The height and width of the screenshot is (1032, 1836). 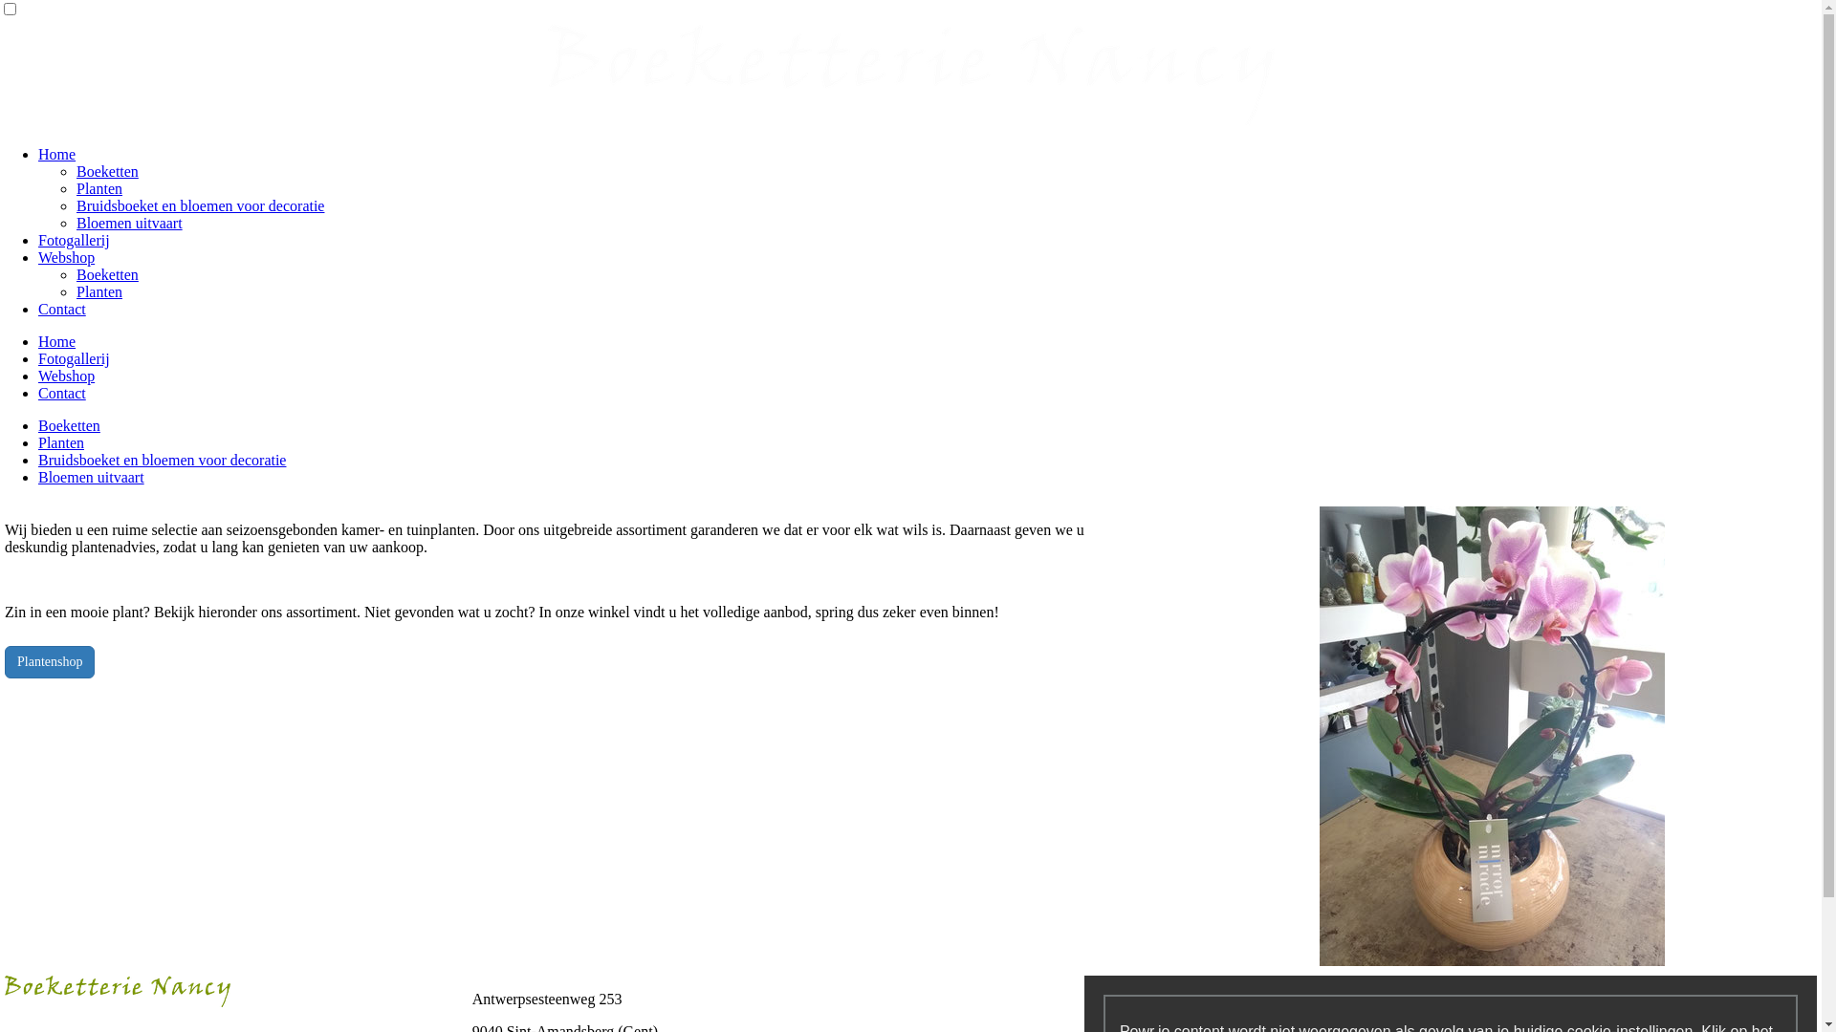 What do you see at coordinates (37, 340) in the screenshot?
I see `'Home'` at bounding box center [37, 340].